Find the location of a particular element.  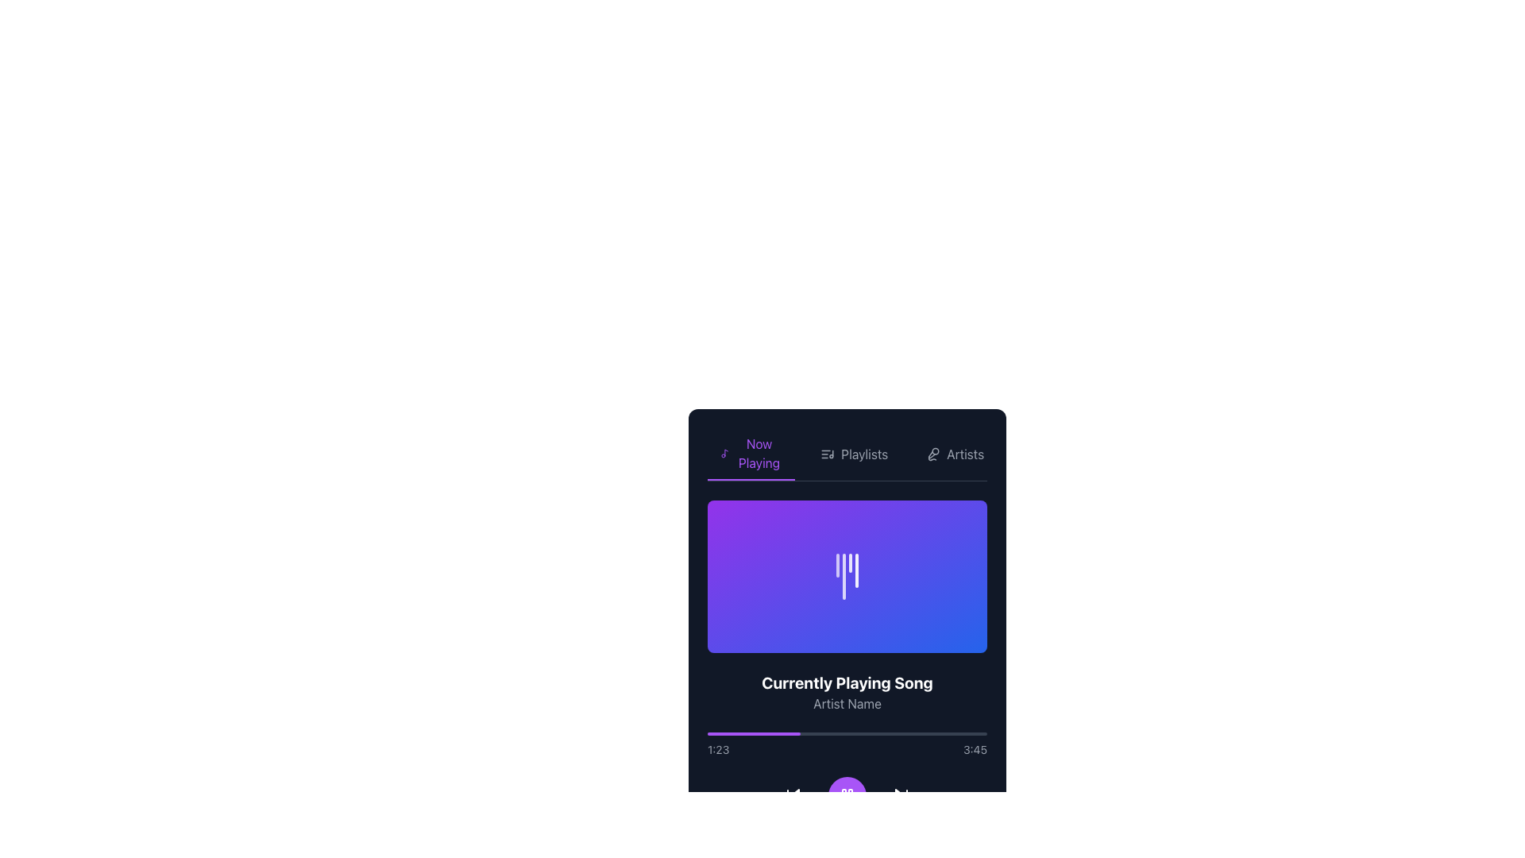

the pause button located centrally among the media control buttons at the bottom of the interface to trigger a visual state change is located at coordinates (846, 796).